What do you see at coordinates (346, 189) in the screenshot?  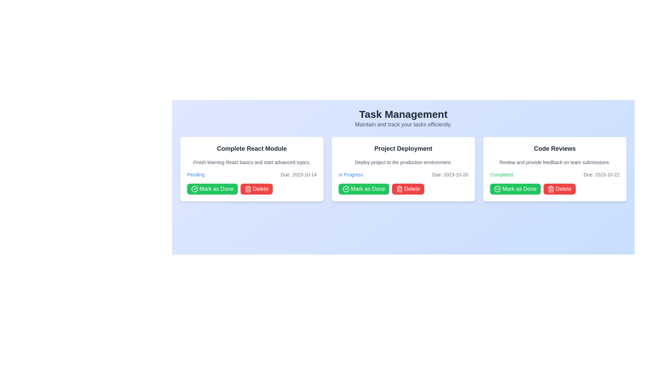 I see `the completion icon within the 'Mark as Done' button in the 'Project Deployment' task card for additional visual feedback` at bounding box center [346, 189].